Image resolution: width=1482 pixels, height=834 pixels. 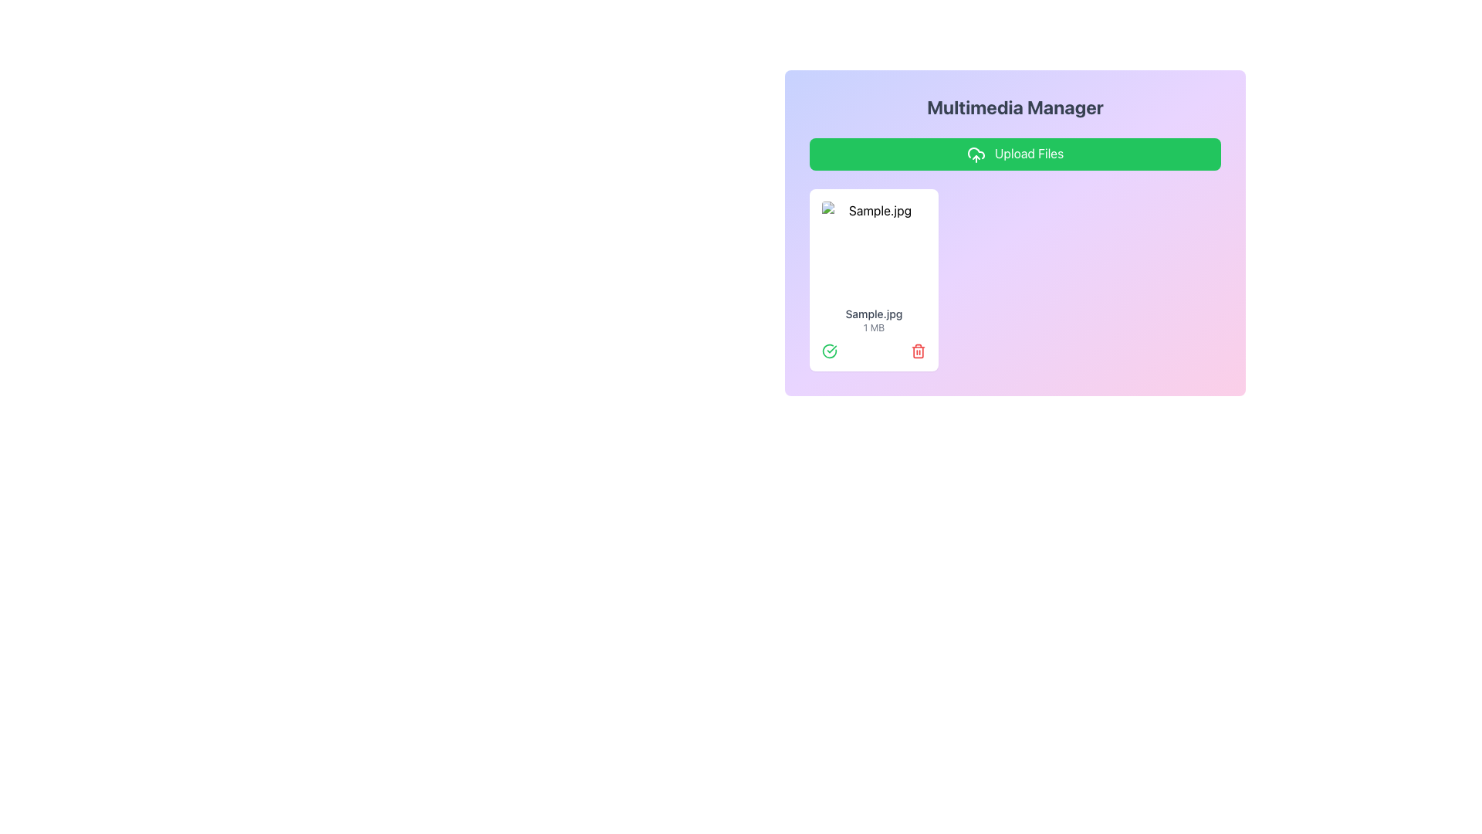 I want to click on the upload icon located within the 'Upload Files' button at the top center of the interface, which is the first item on the left side next to the button's text, so click(x=975, y=154).